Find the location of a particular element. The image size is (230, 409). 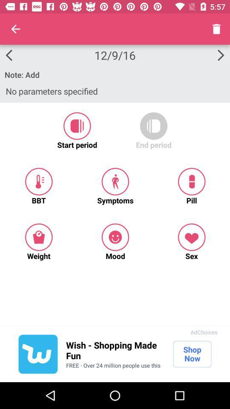

the icon above the free over 24 is located at coordinates (115, 350).